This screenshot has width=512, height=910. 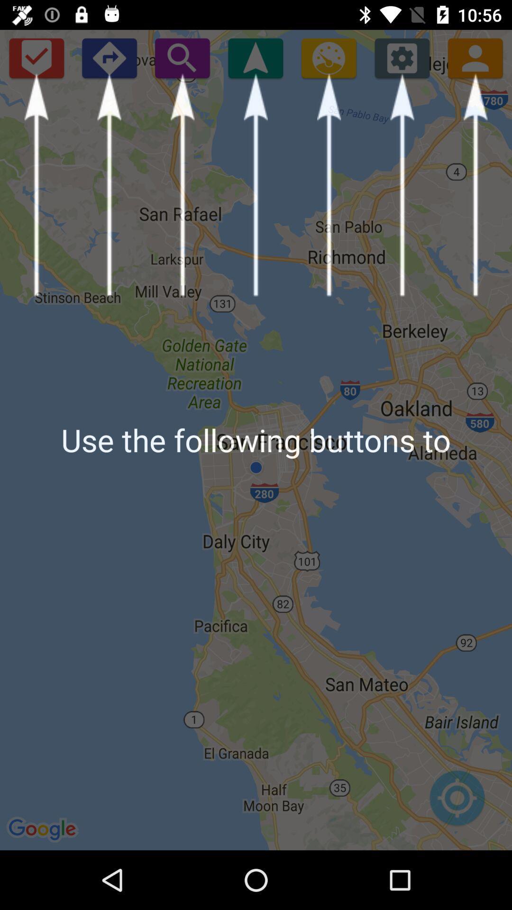 I want to click on show people, so click(x=475, y=57).